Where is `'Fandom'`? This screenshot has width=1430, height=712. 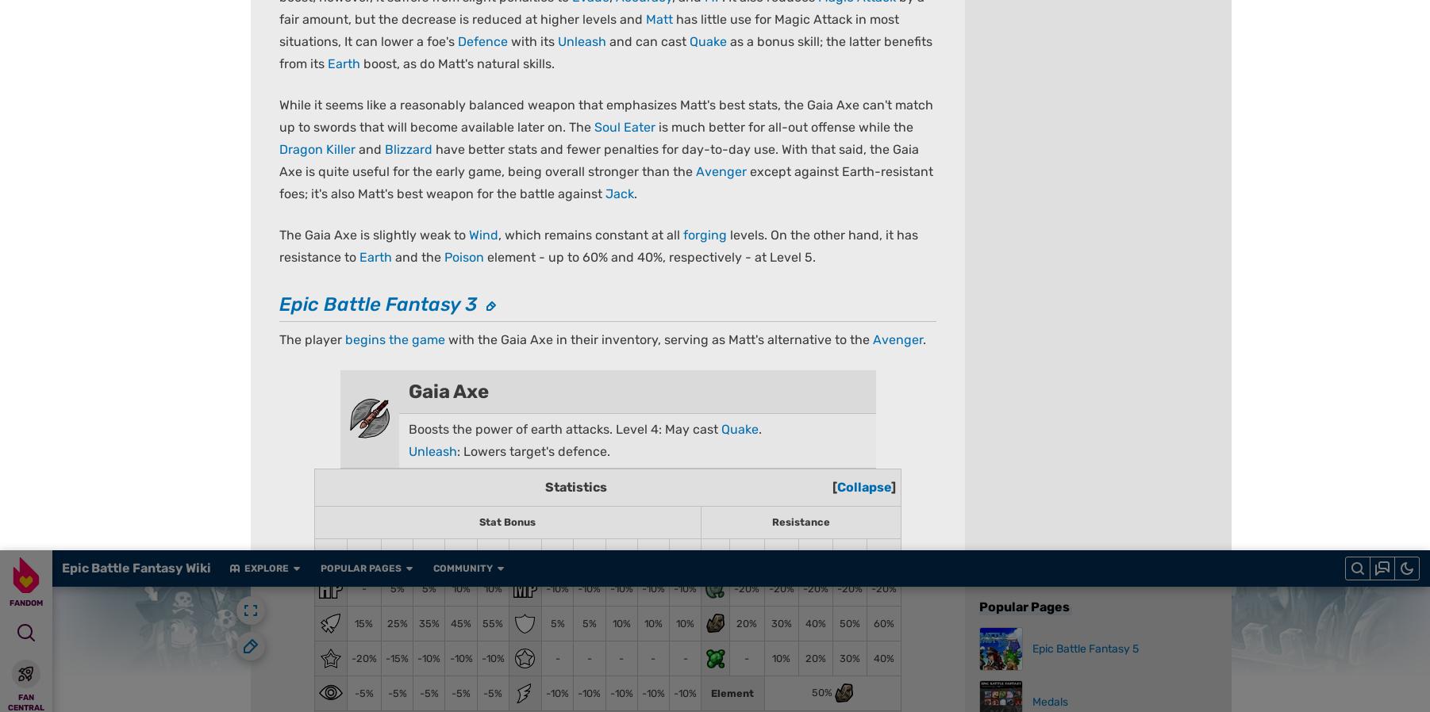
'Fandom' is located at coordinates (371, 610).